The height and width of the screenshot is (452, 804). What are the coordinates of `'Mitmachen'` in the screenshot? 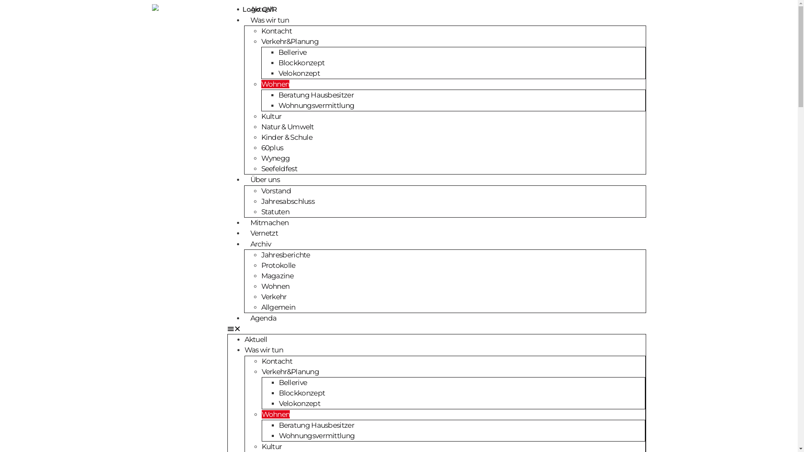 It's located at (269, 222).